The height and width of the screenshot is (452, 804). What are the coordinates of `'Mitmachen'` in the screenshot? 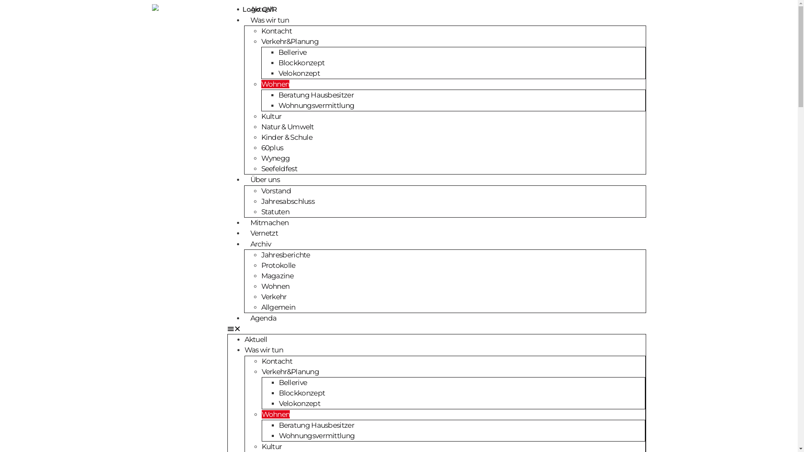 It's located at (269, 222).